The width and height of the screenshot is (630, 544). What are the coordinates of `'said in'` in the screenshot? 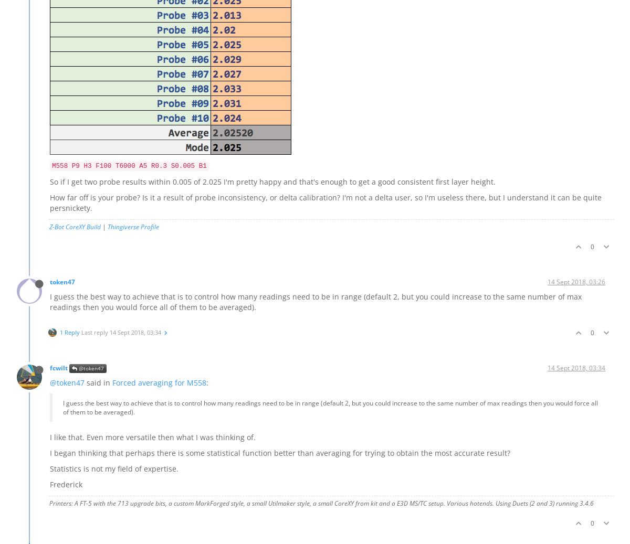 It's located at (98, 382).